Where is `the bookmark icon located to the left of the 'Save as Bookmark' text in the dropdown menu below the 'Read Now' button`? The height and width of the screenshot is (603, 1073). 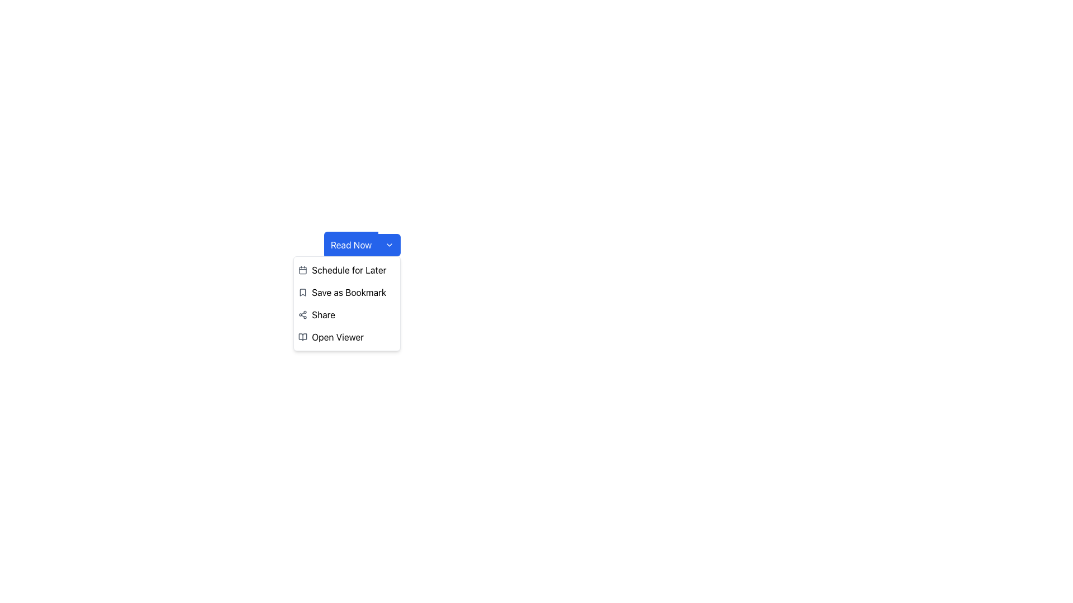 the bookmark icon located to the left of the 'Save as Bookmark' text in the dropdown menu below the 'Read Now' button is located at coordinates (303, 292).